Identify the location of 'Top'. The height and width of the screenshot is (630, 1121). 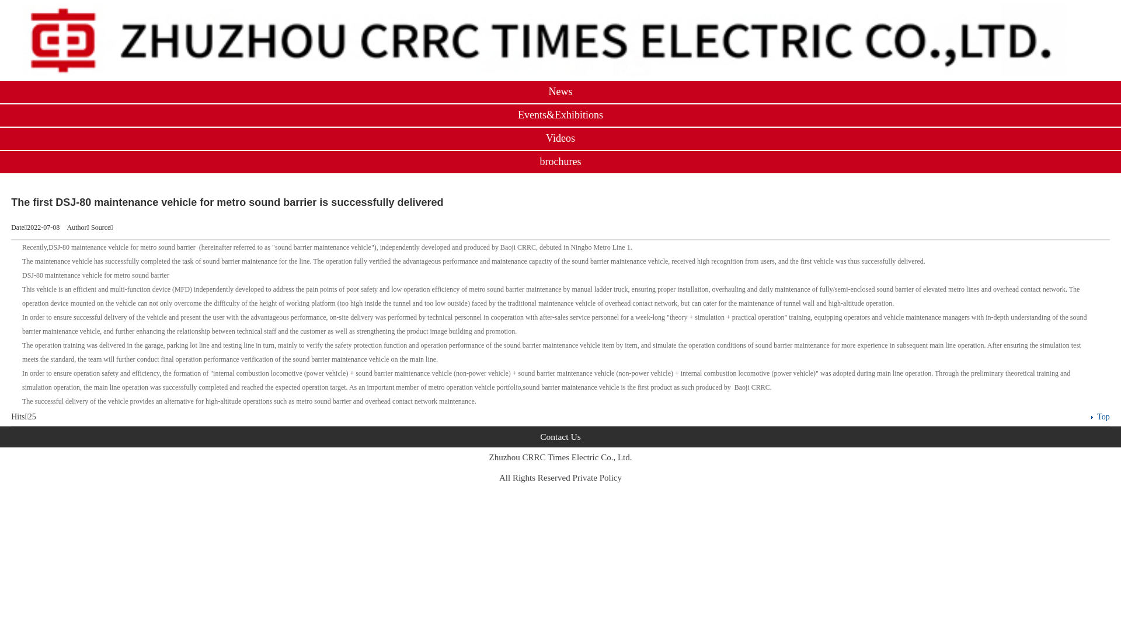
(1103, 416).